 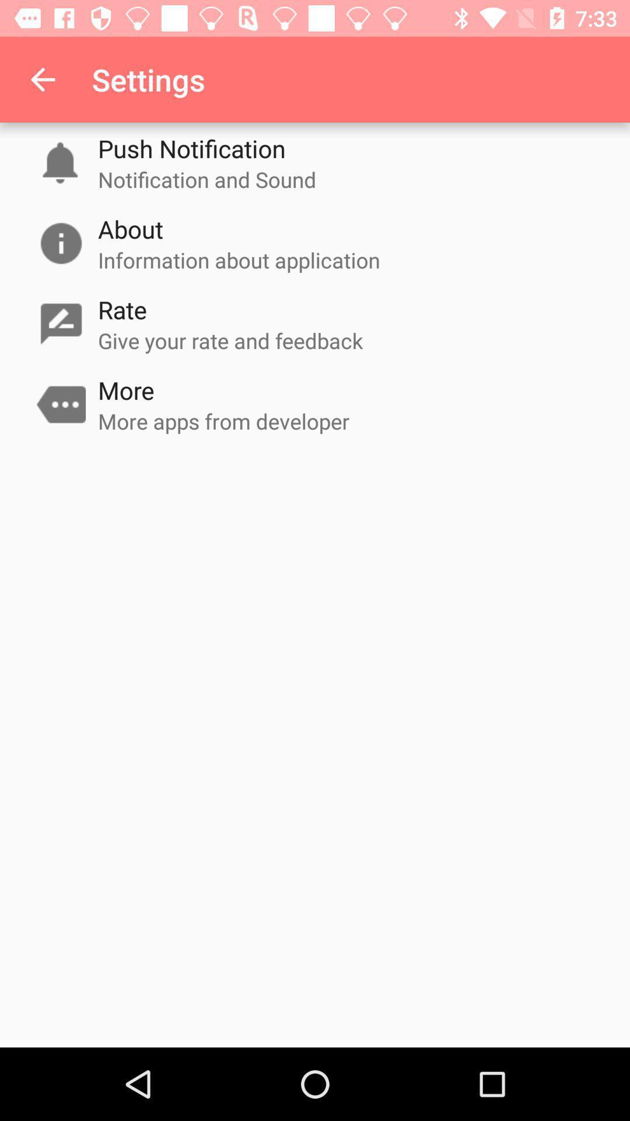 I want to click on item below settings app, so click(x=191, y=148).